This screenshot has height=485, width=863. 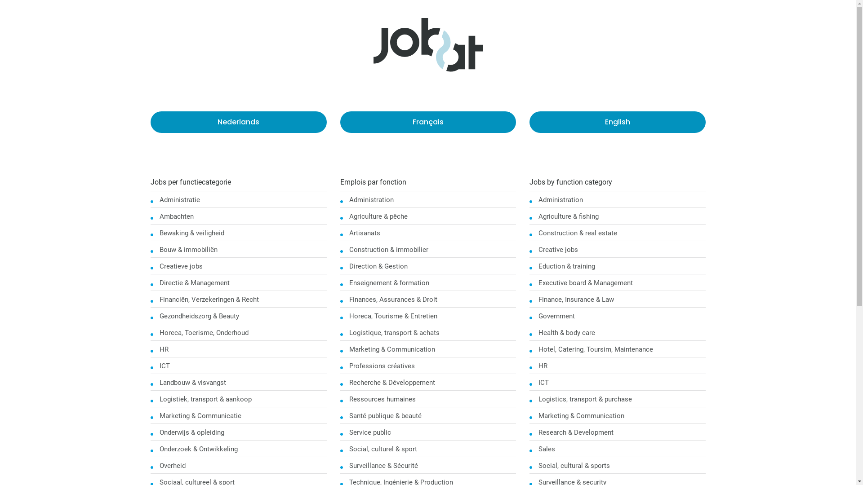 I want to click on 'Eduction & training', so click(x=566, y=266).